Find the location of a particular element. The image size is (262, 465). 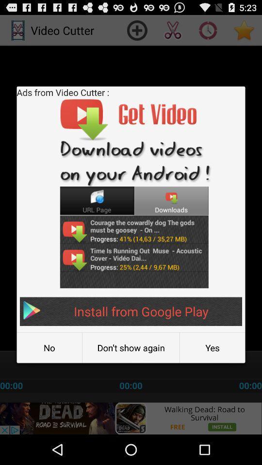

the item below the install from google icon is located at coordinates (212, 348).